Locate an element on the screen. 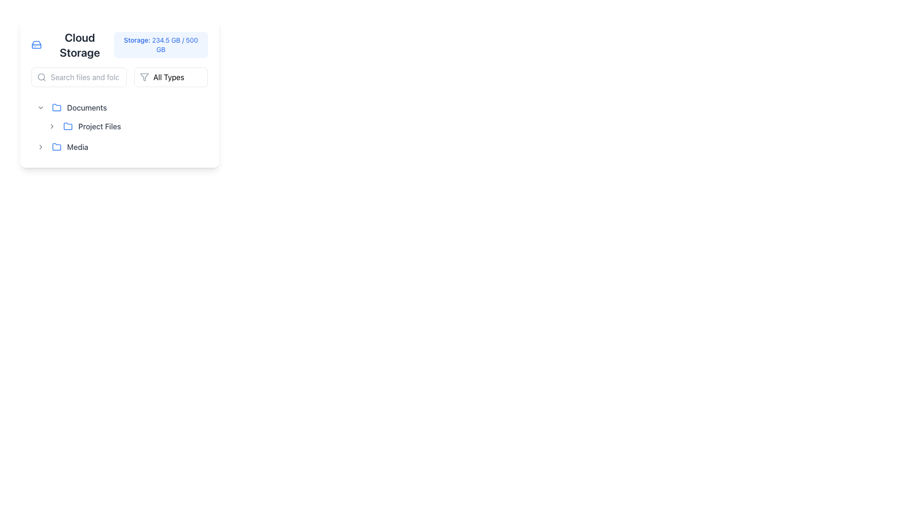 Image resolution: width=901 pixels, height=506 pixels. the 'Project Files' text label with an associated folder icon located under 'Documents2023-12-01' is located at coordinates (119, 126).